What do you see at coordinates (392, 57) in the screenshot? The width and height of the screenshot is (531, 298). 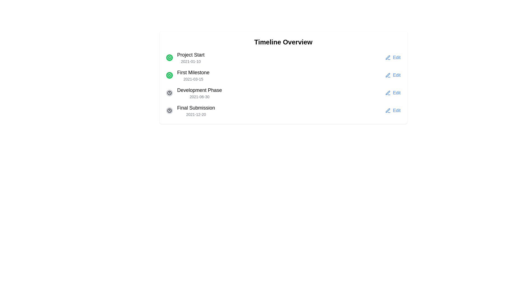 I see `the 'Edit' button, which is a blue clickable text label with a pen icon to the left, located next to the 'Project Start' entry in the timeline view` at bounding box center [392, 57].